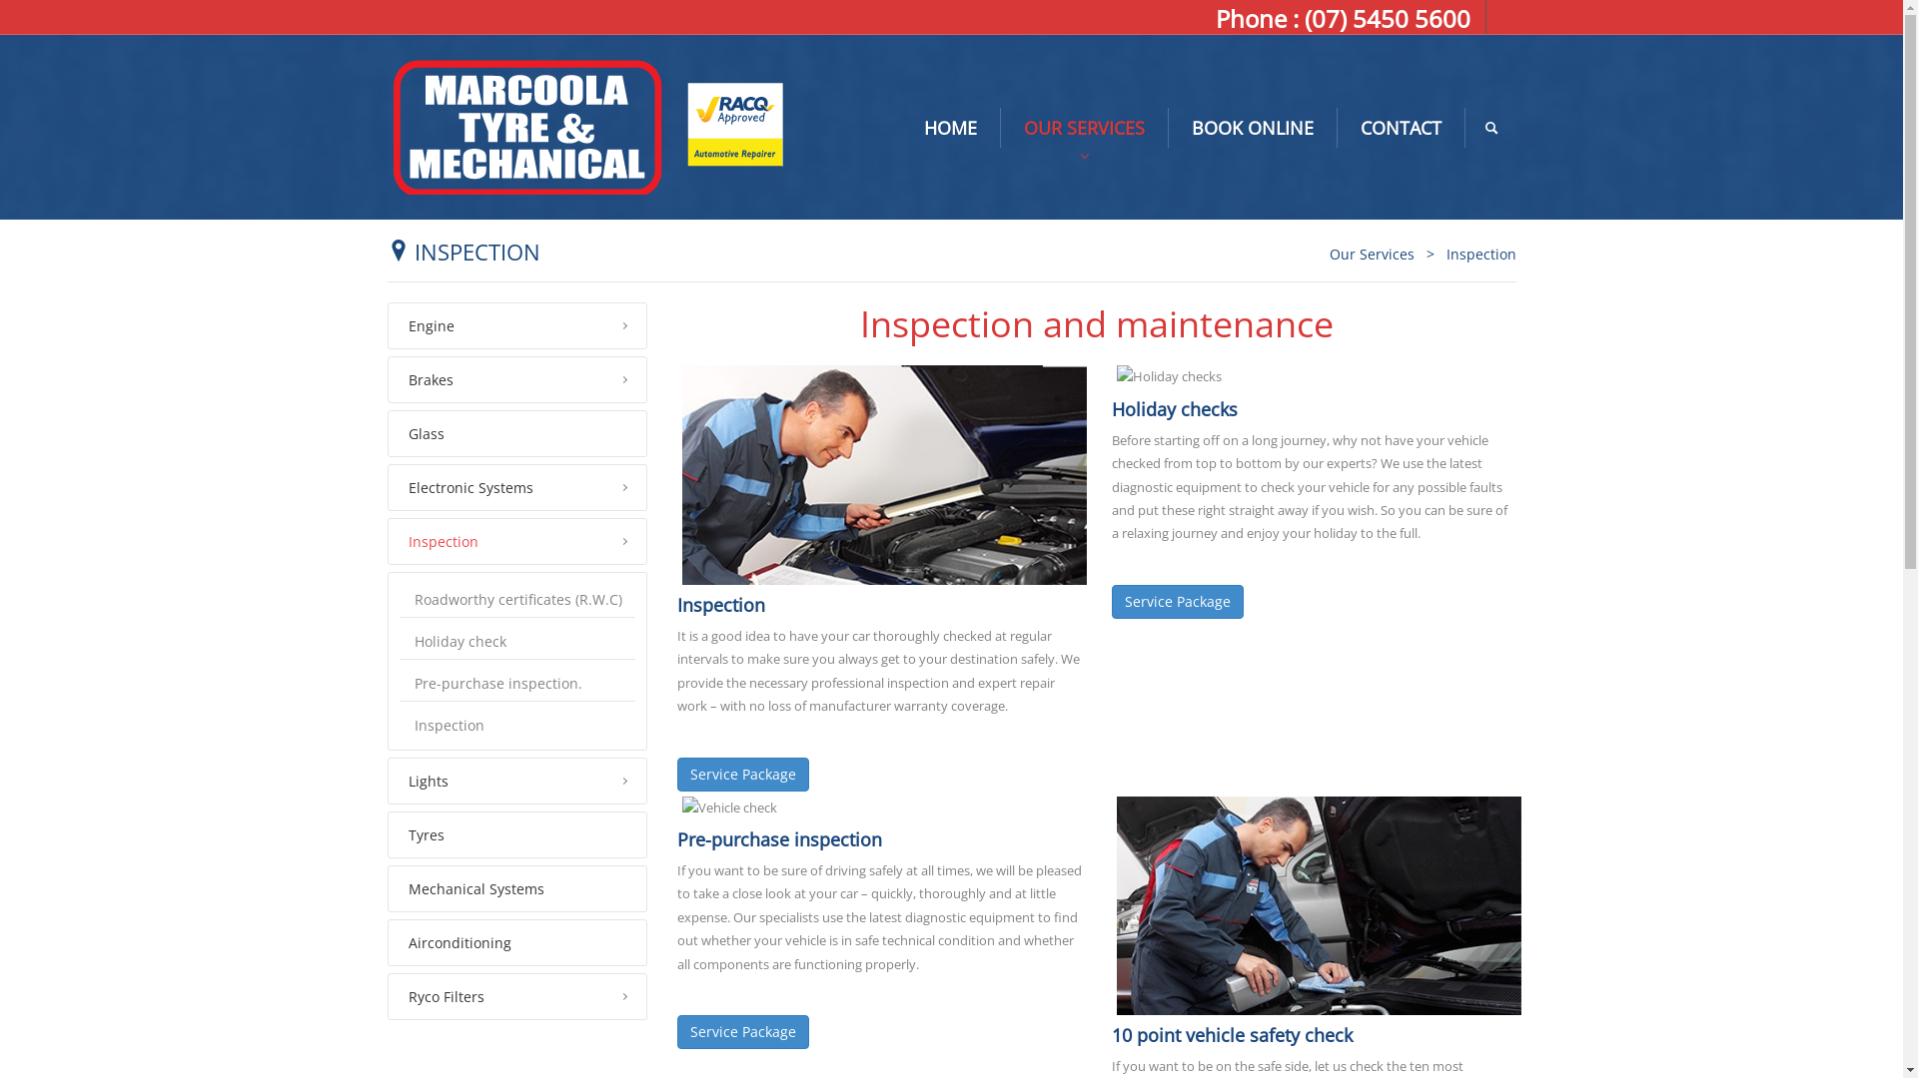 This screenshot has width=1918, height=1078. What do you see at coordinates (1083, 127) in the screenshot?
I see `'OUR SERVICES'` at bounding box center [1083, 127].